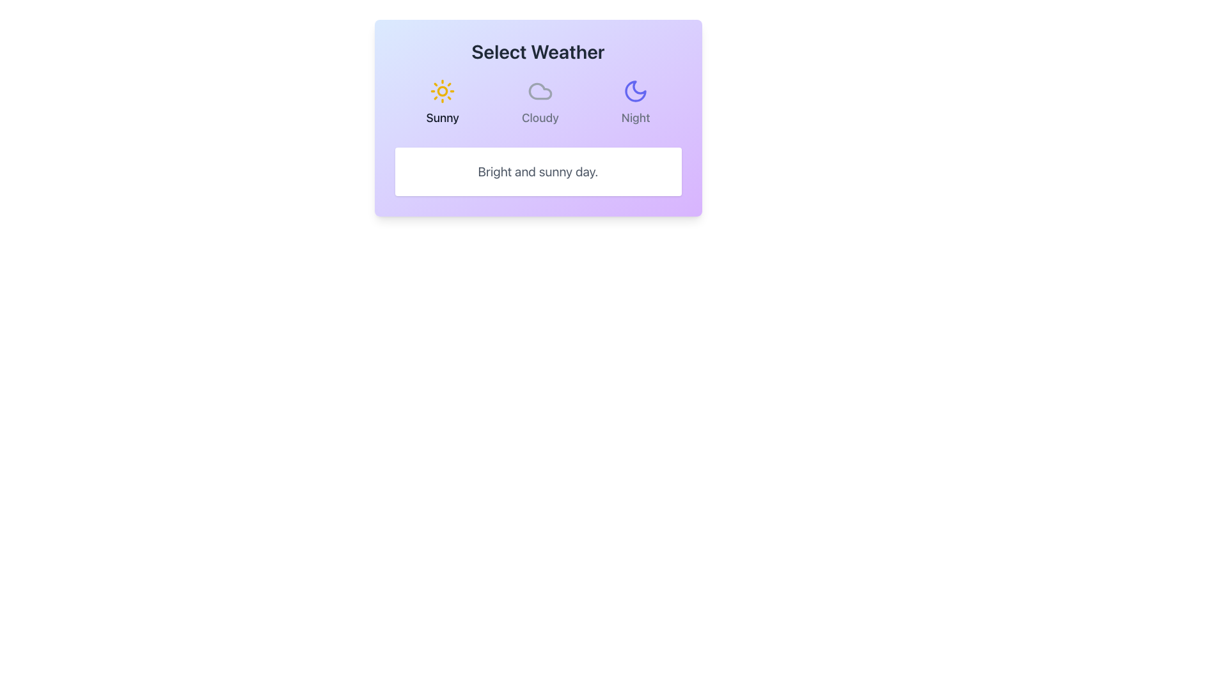  What do you see at coordinates (540, 90) in the screenshot?
I see `the gray-colored cloud icon that is located in the second column of a three-column grid, positioned under the 'Cloudy' caption` at bounding box center [540, 90].